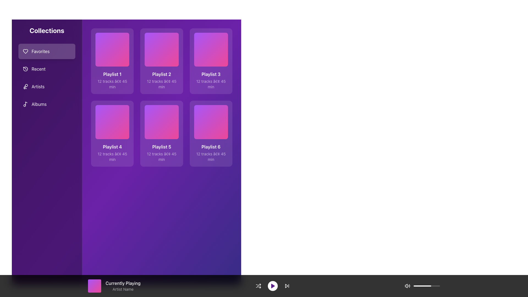  Describe the element at coordinates (161, 146) in the screenshot. I see `text label displaying 'Playlist 5', which is the third text label in the second row of a grid layout, located centrally within its playlist card` at that location.